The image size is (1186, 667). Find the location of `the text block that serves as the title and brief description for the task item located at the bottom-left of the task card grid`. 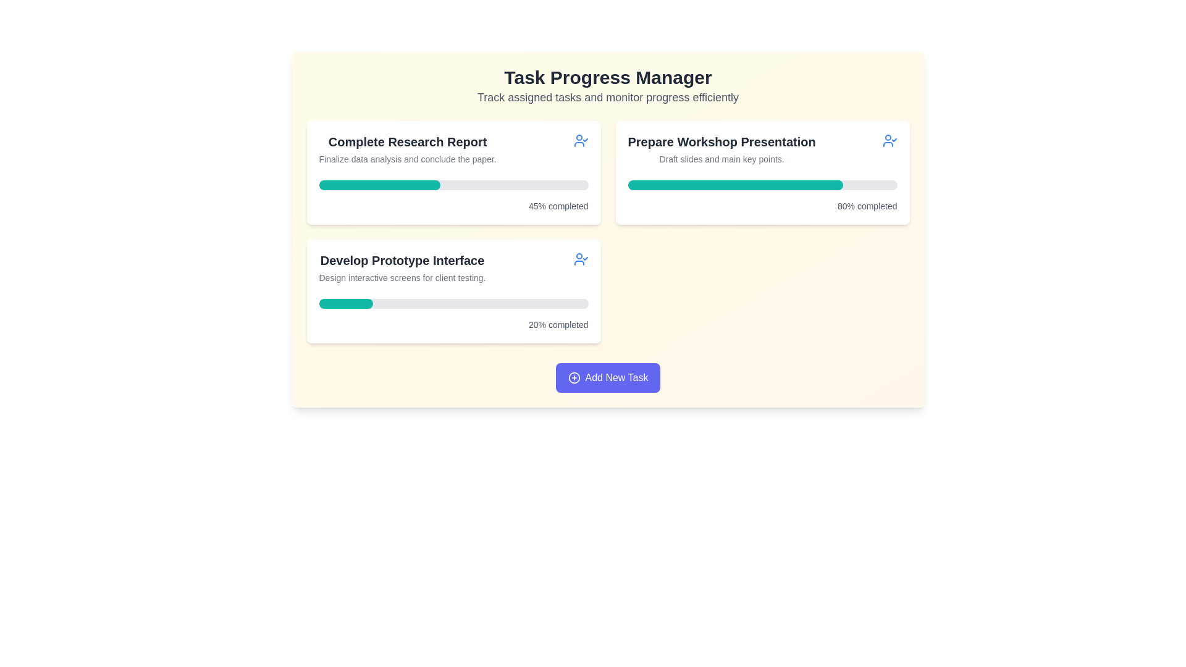

the text block that serves as the title and brief description for the task item located at the bottom-left of the task card grid is located at coordinates (453, 267).